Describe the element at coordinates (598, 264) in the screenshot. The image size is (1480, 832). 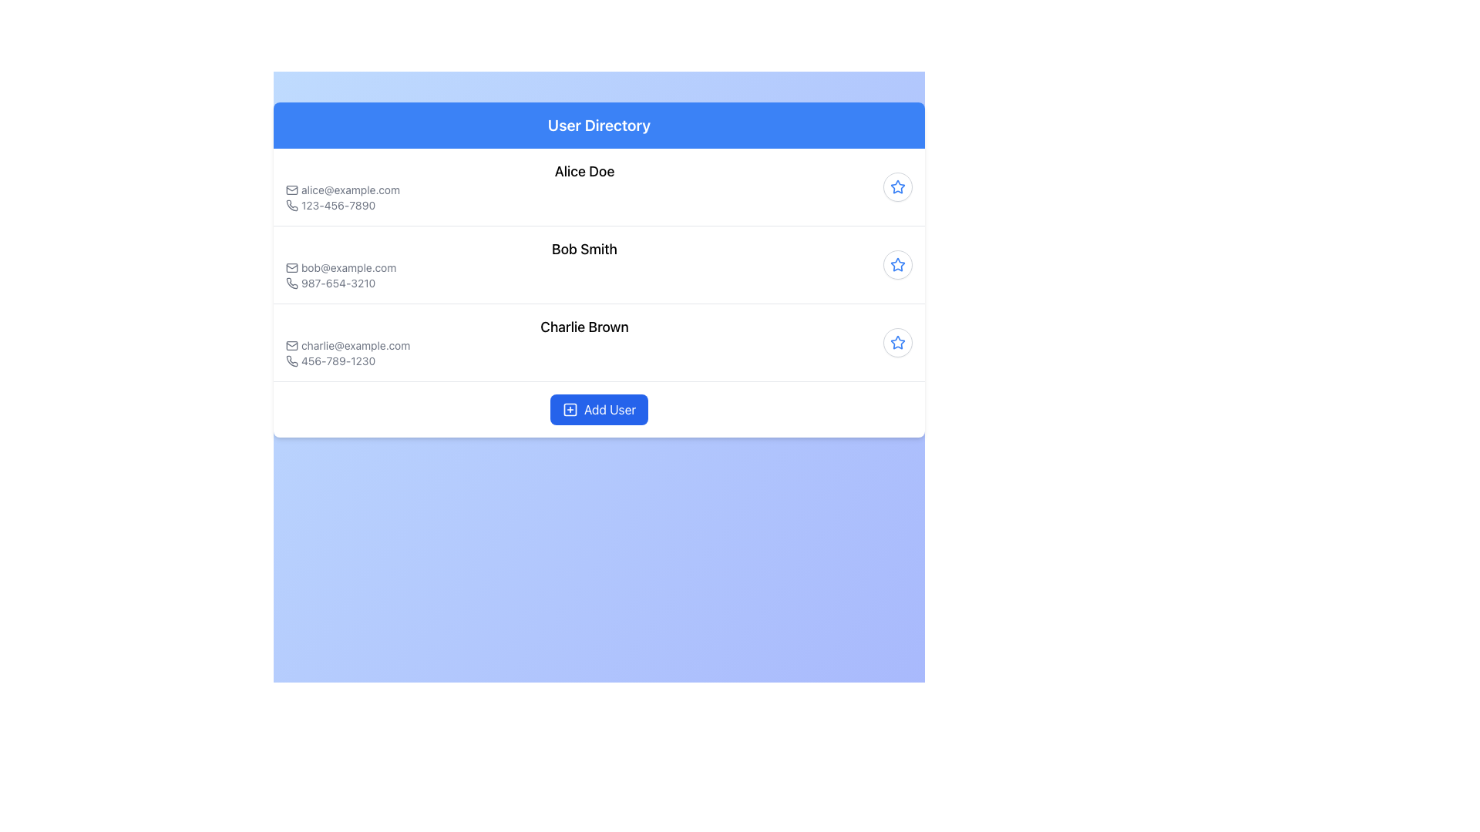
I see `the contact item entry for 'Bob Smith'` at that location.